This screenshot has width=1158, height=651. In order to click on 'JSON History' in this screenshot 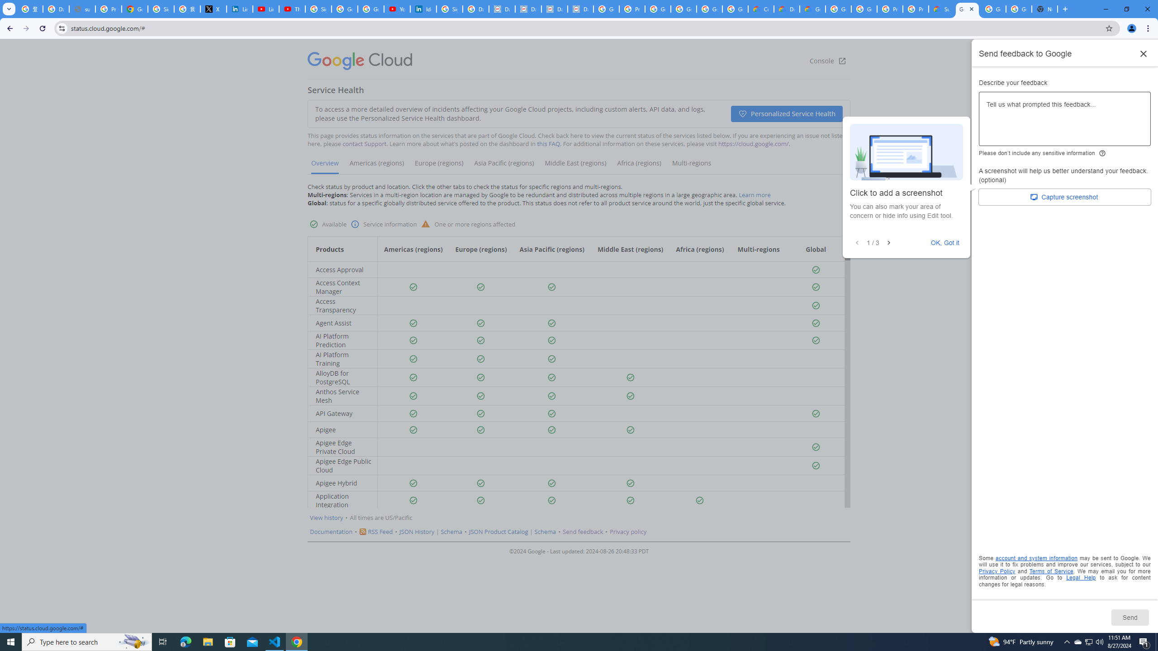, I will do `click(417, 531)`.